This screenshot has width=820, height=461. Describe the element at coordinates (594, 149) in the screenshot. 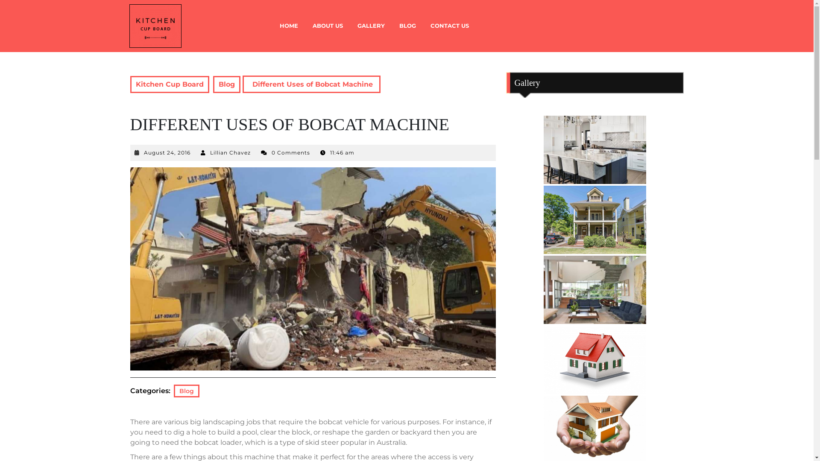

I see `'1'` at that location.